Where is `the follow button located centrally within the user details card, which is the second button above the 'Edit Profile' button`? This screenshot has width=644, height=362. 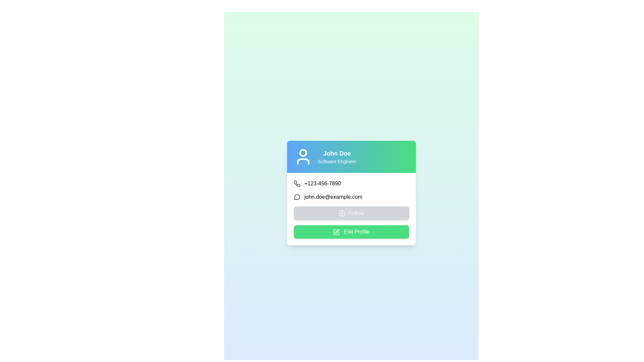 the follow button located centrally within the user details card, which is the second button above the 'Edit Profile' button is located at coordinates (351, 209).